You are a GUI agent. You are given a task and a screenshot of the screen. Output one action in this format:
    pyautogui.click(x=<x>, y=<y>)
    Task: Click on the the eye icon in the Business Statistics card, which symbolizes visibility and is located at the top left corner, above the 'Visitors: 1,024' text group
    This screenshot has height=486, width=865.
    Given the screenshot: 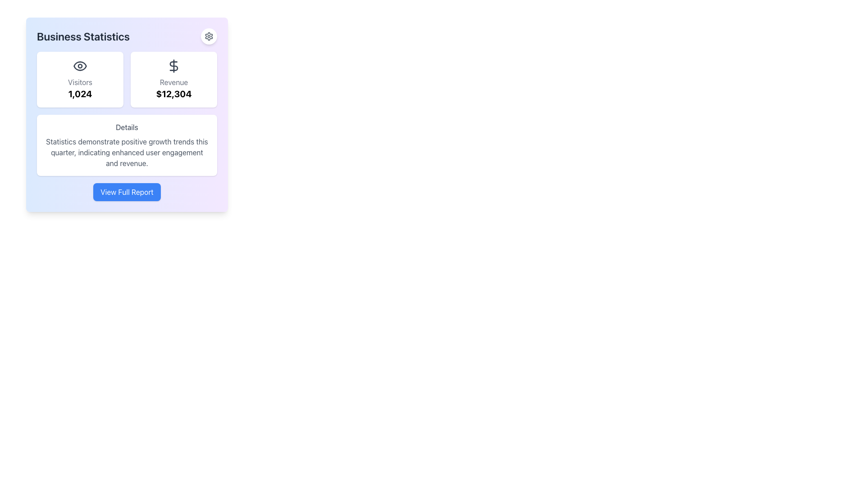 What is the action you would take?
    pyautogui.click(x=80, y=65)
    